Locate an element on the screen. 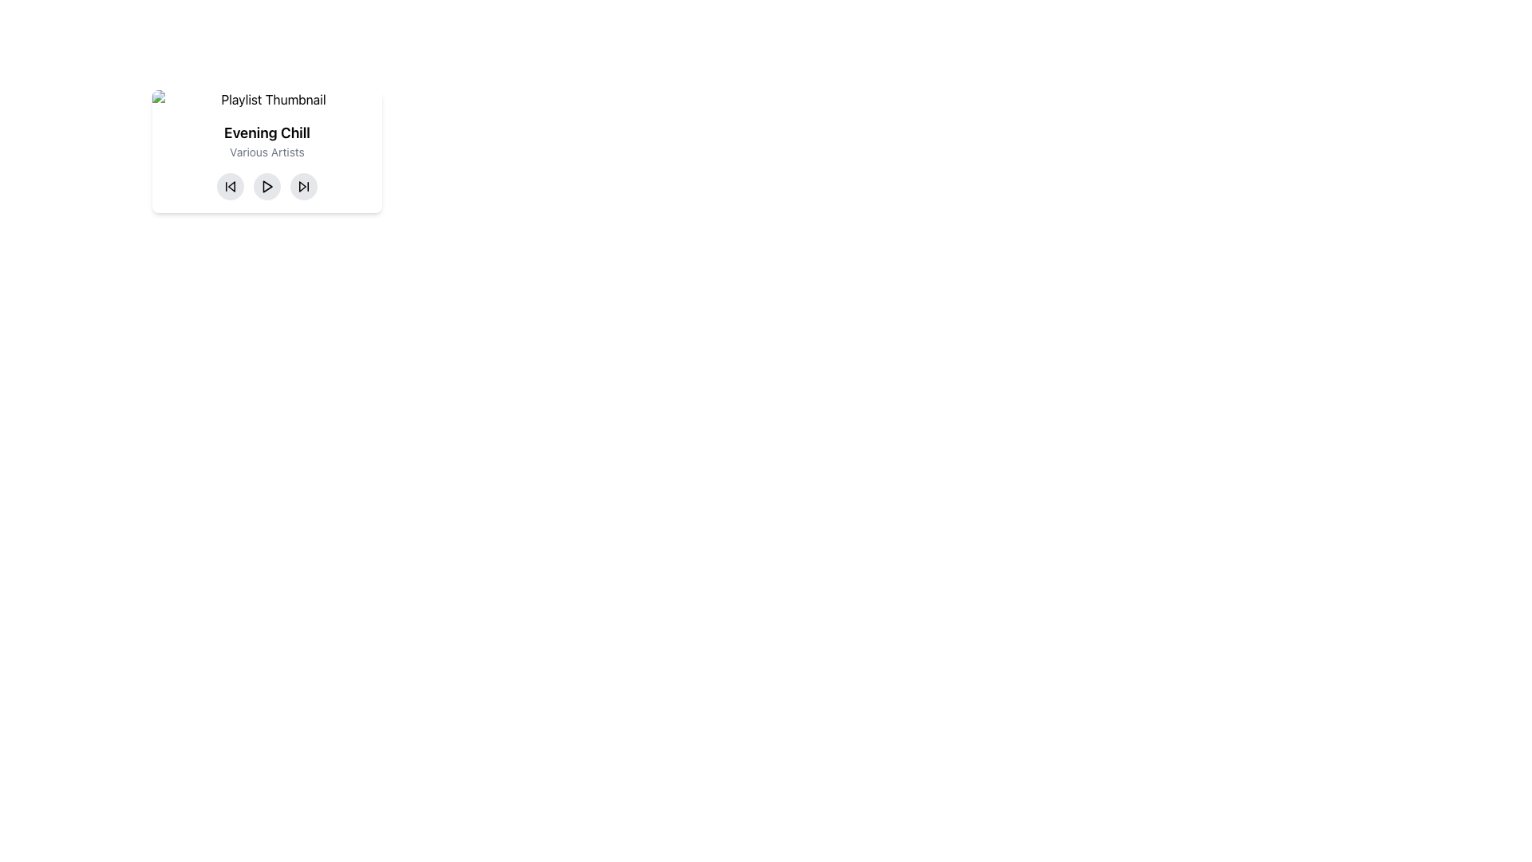  the rewind button, which is the leftmost circular button in a set of three at the bottom of a media player card is located at coordinates (229, 186).